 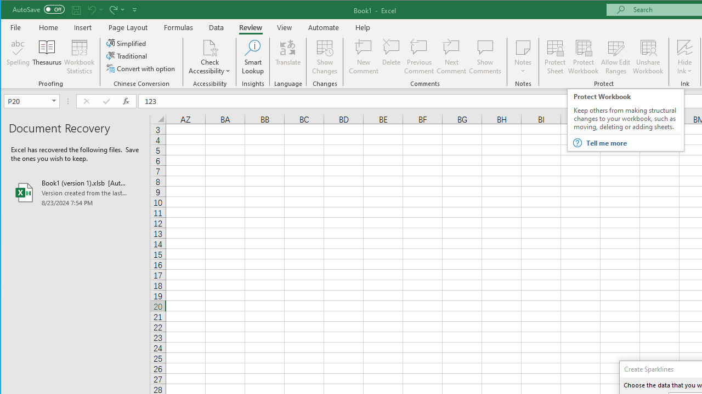 What do you see at coordinates (576, 142) in the screenshot?
I see `'Class: NetUIImage'` at bounding box center [576, 142].